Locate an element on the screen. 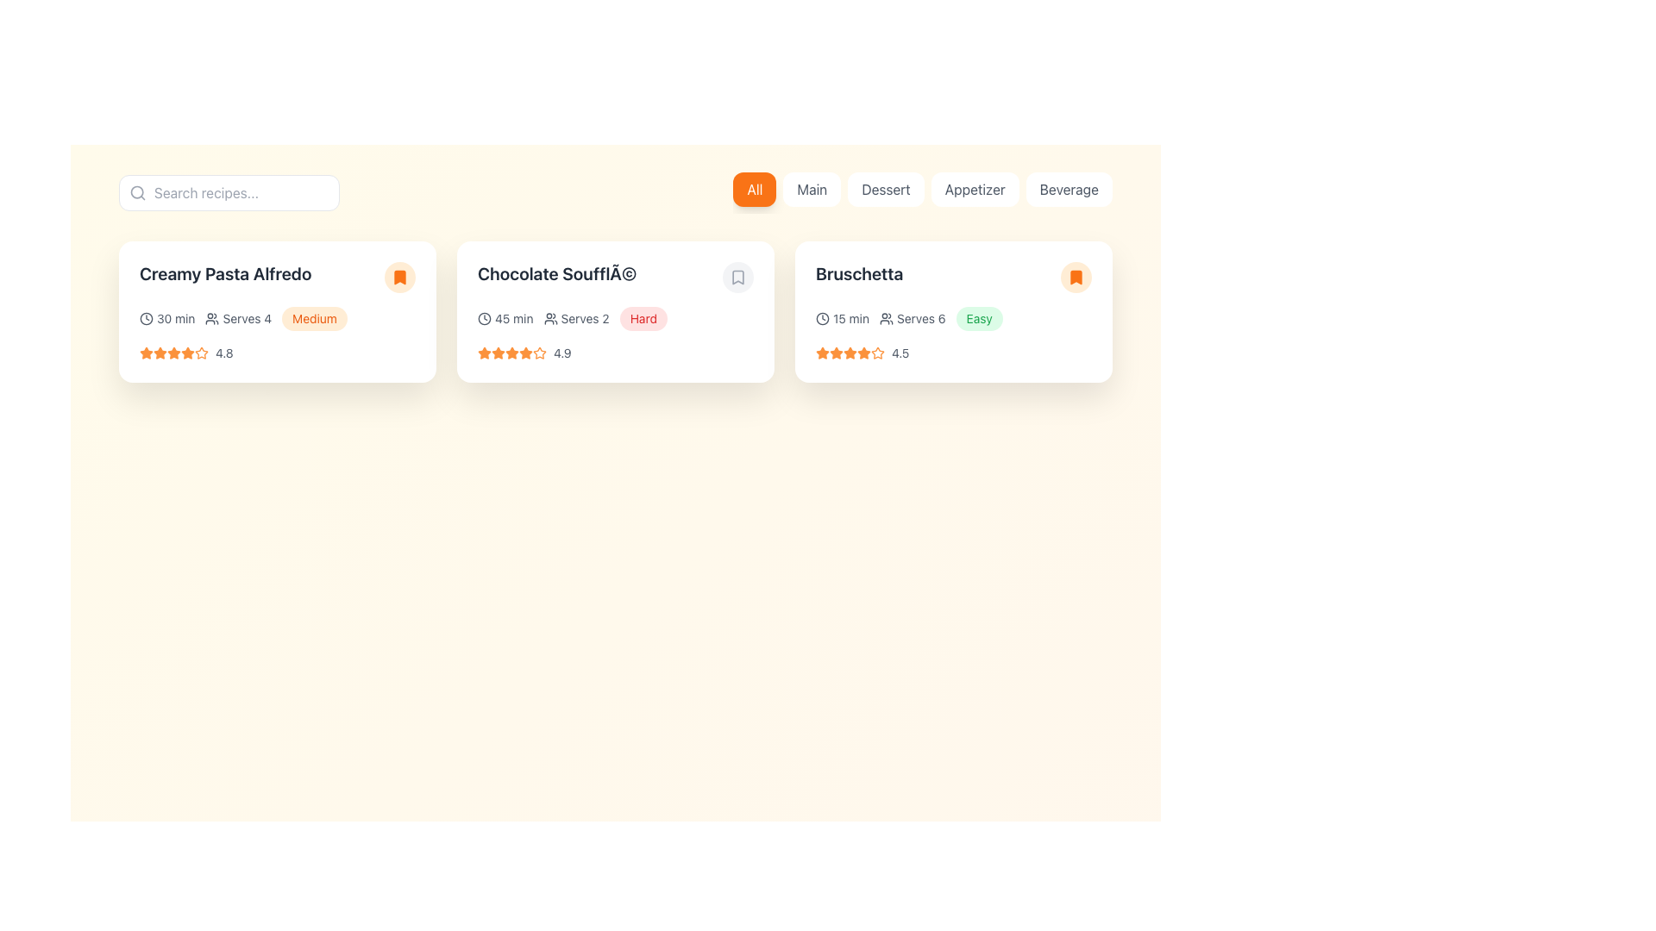 The width and height of the screenshot is (1656, 931). the fourth star icon is located at coordinates (146, 352).